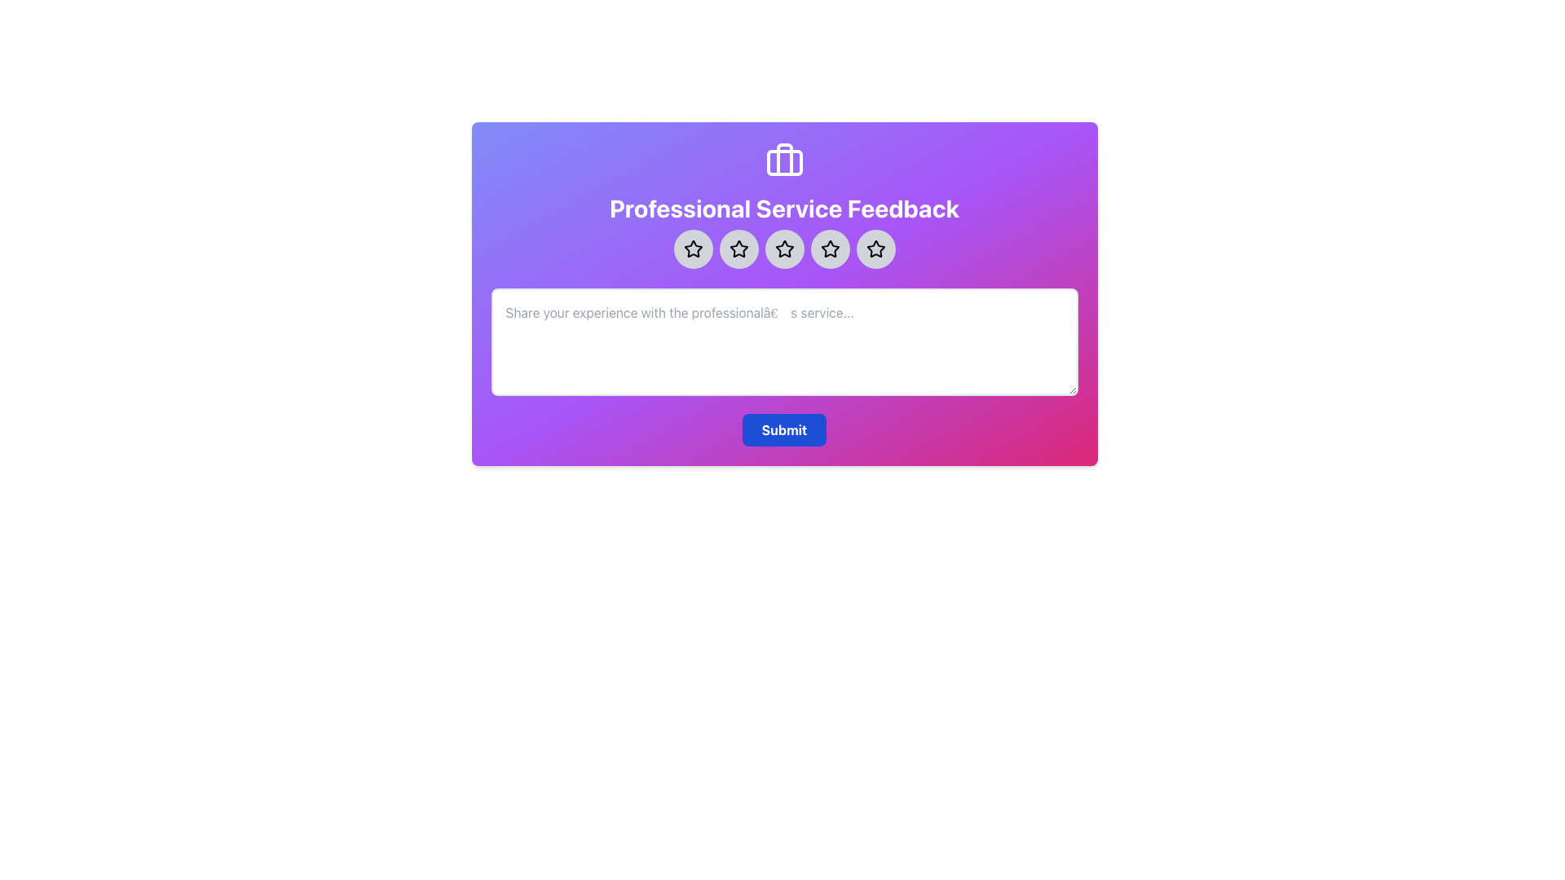 The height and width of the screenshot is (880, 1565). What do you see at coordinates (693, 249) in the screenshot?
I see `the first star rating button for visual feedback, located below the 'Professional Service Feedback' title and part of a horizontal group of five rating stars` at bounding box center [693, 249].